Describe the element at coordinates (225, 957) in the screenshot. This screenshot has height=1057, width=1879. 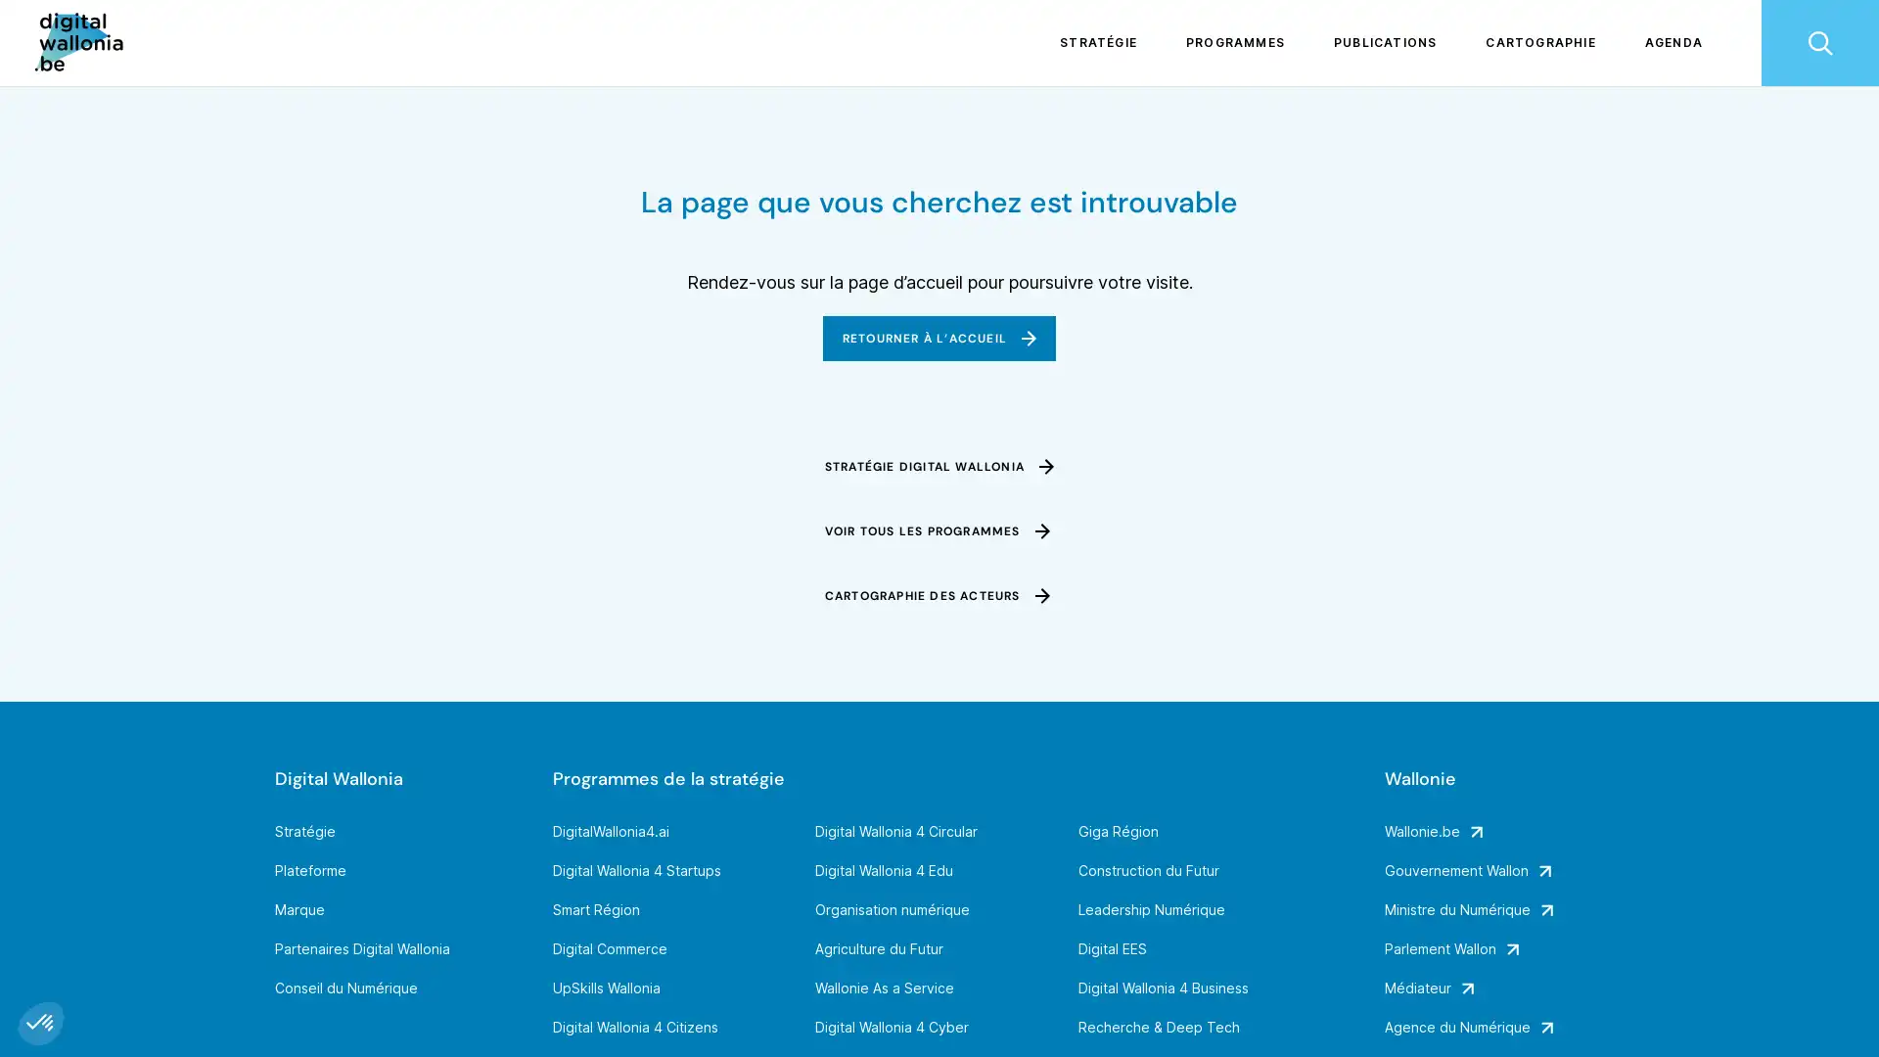
I see `Je choisis` at that location.